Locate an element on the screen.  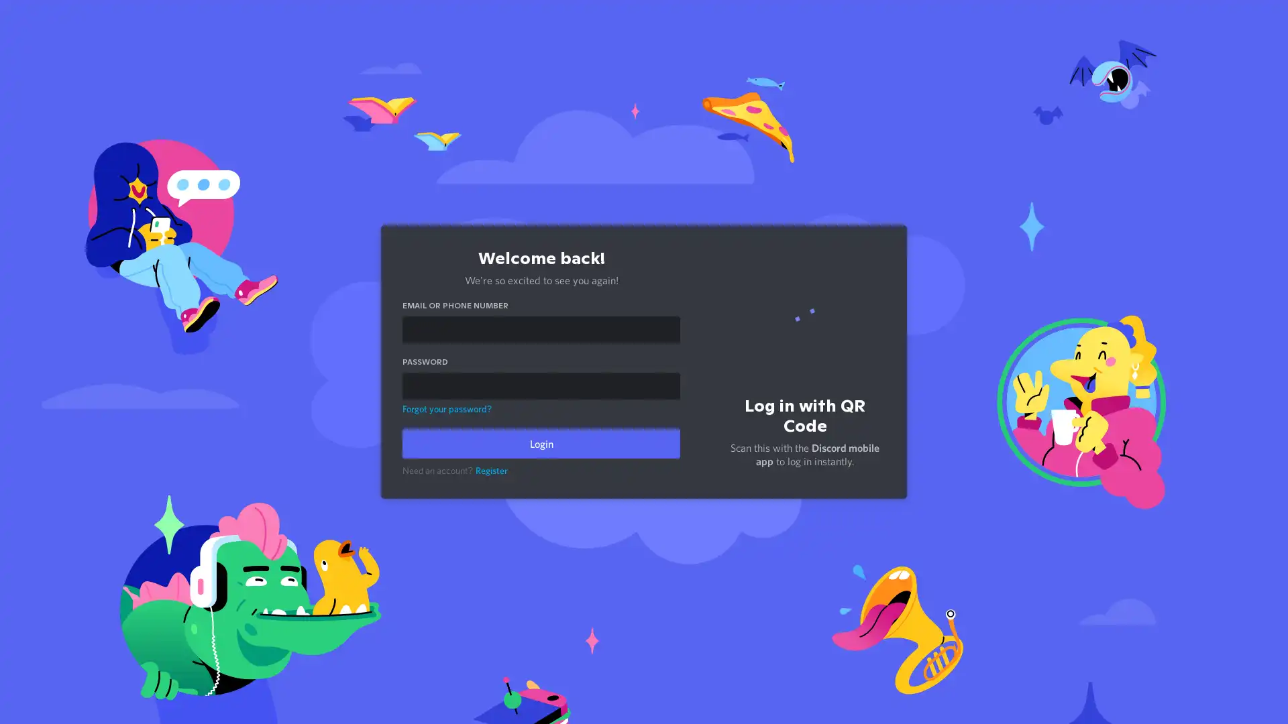
Login is located at coordinates (541, 444).